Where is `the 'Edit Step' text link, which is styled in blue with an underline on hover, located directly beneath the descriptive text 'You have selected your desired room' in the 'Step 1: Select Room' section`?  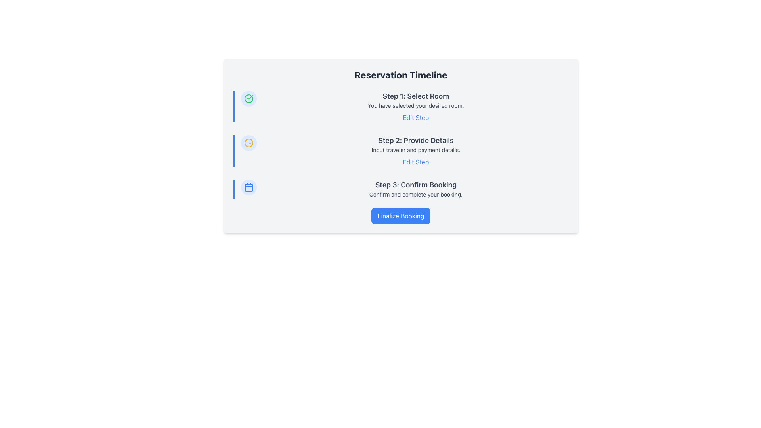 the 'Edit Step' text link, which is styled in blue with an underline on hover, located directly beneath the descriptive text 'You have selected your desired room' in the 'Step 1: Select Room' section is located at coordinates (415, 118).